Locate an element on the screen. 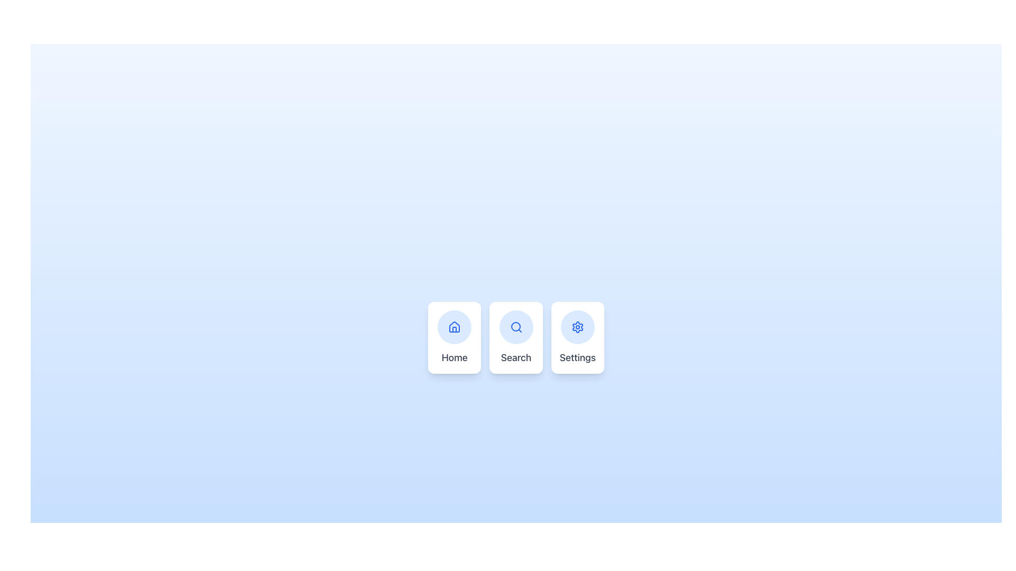  text from the 'Home' section label located at the bottom of the card, which serves as a navigation option is located at coordinates (455, 357).